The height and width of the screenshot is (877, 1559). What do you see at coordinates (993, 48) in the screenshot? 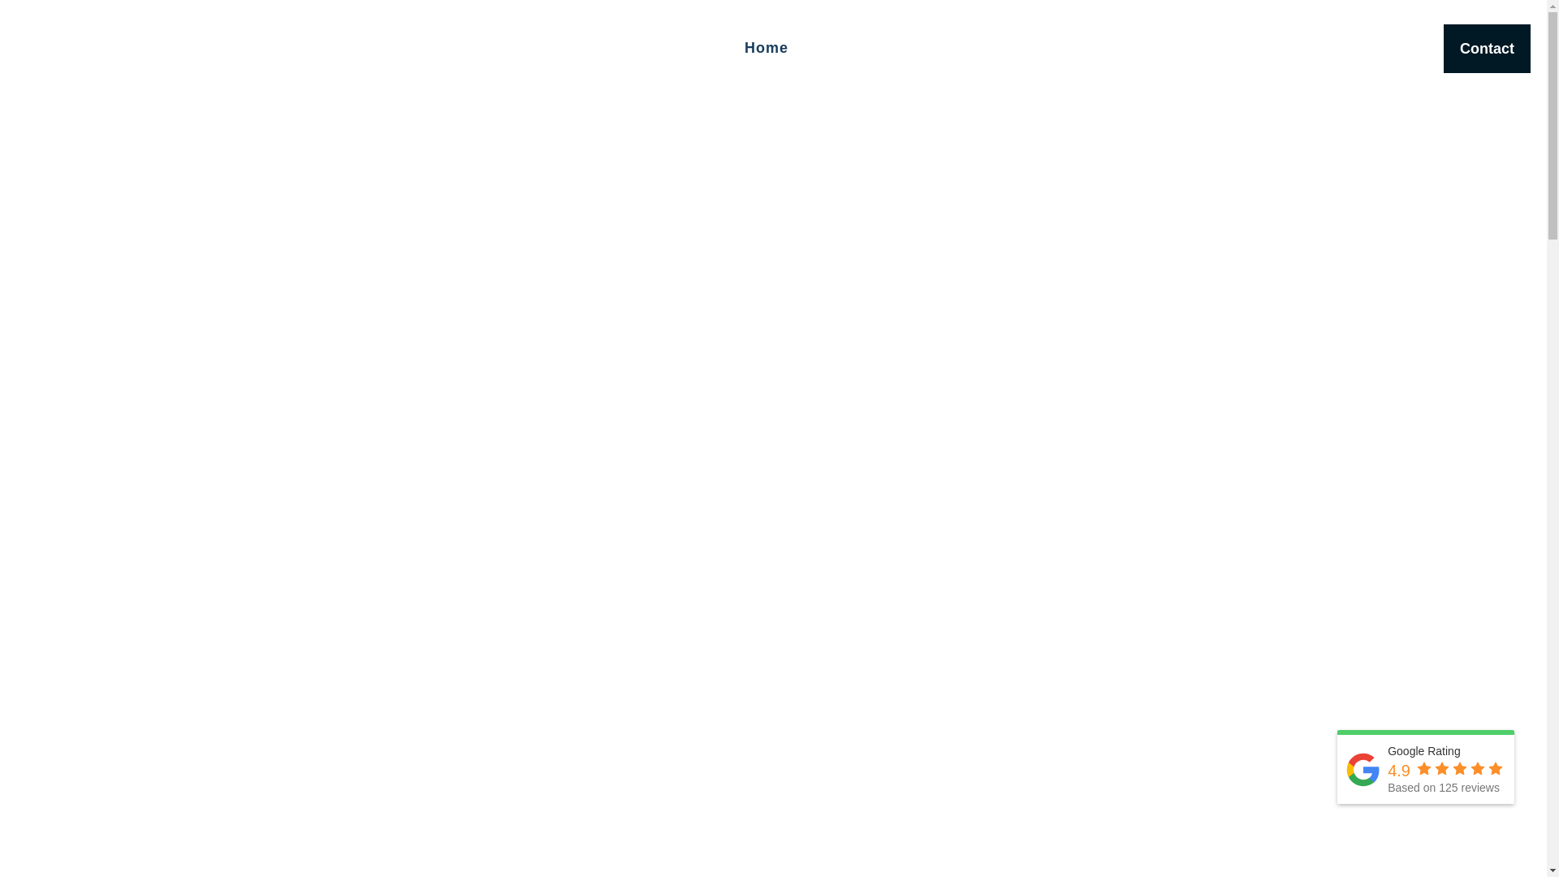
I see `'Procedures'` at bounding box center [993, 48].